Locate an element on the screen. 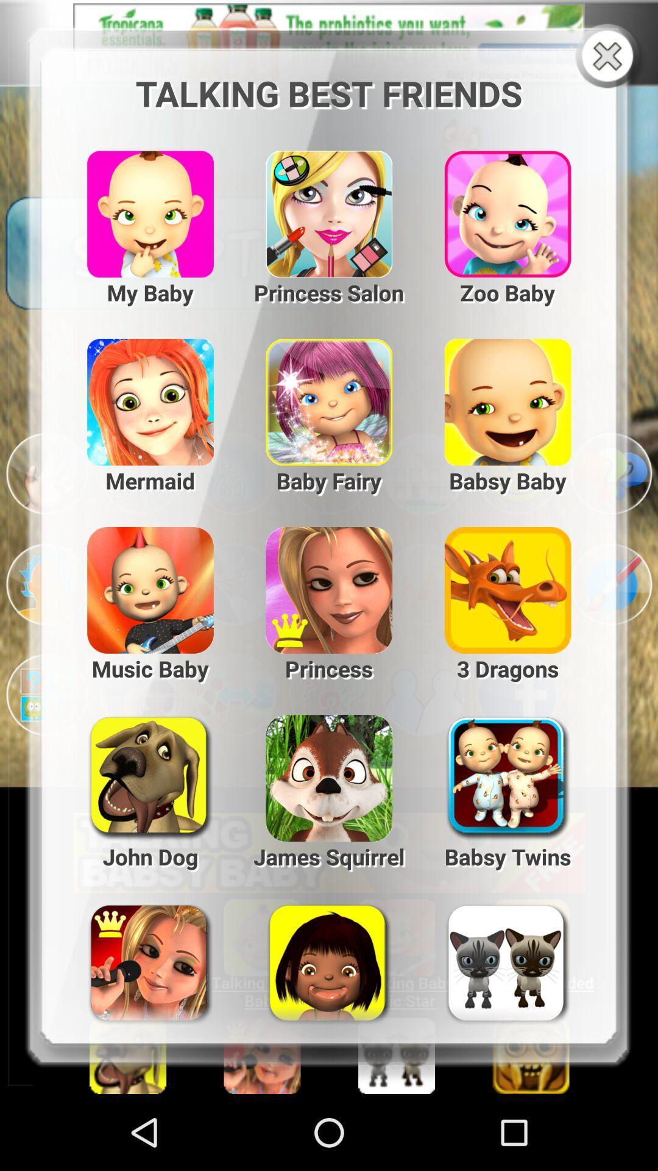 The height and width of the screenshot is (1171, 658). exit button is located at coordinates (610, 57).